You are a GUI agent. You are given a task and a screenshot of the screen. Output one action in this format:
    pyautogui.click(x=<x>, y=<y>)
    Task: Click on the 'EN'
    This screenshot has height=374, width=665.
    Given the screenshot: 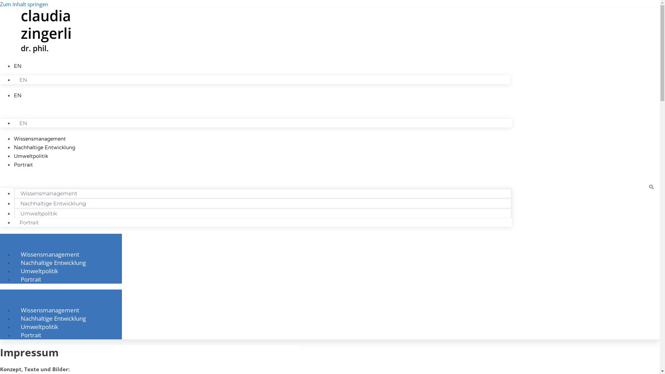 What is the action you would take?
    pyautogui.click(x=18, y=96)
    